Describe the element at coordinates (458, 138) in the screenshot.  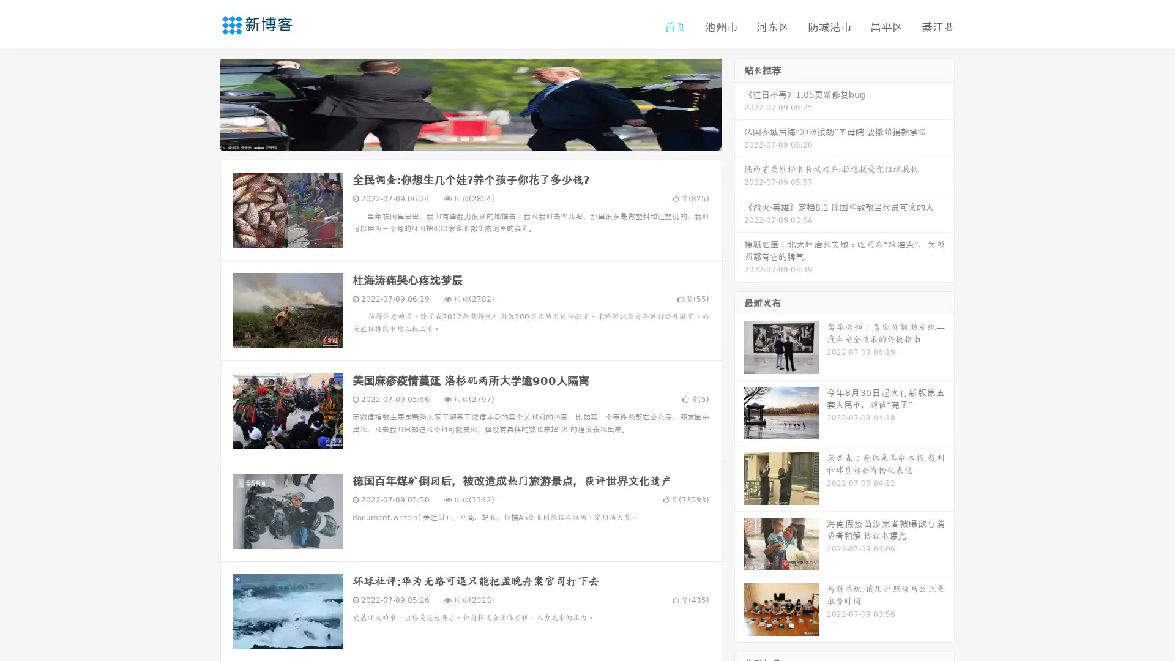
I see `Go to slide 1` at that location.